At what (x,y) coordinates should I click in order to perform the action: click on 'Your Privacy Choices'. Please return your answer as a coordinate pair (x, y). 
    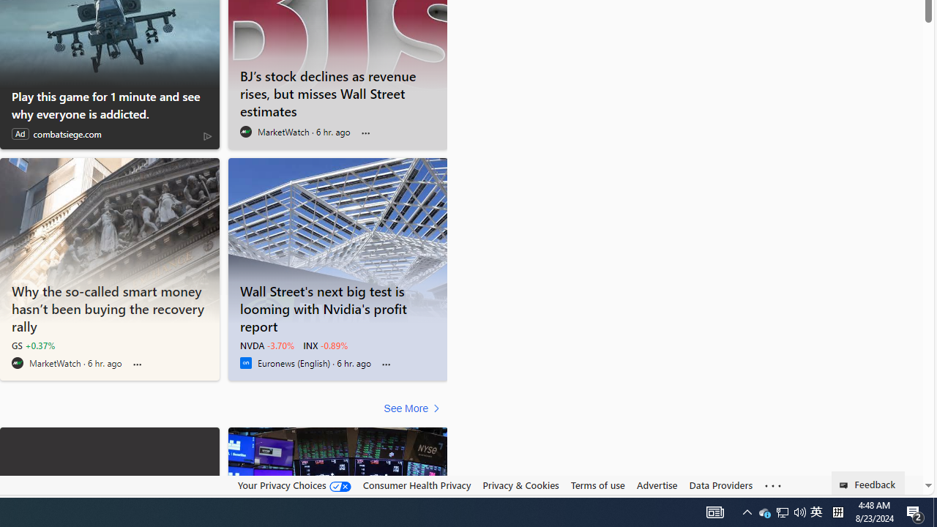
    Looking at the image, I should click on (293, 485).